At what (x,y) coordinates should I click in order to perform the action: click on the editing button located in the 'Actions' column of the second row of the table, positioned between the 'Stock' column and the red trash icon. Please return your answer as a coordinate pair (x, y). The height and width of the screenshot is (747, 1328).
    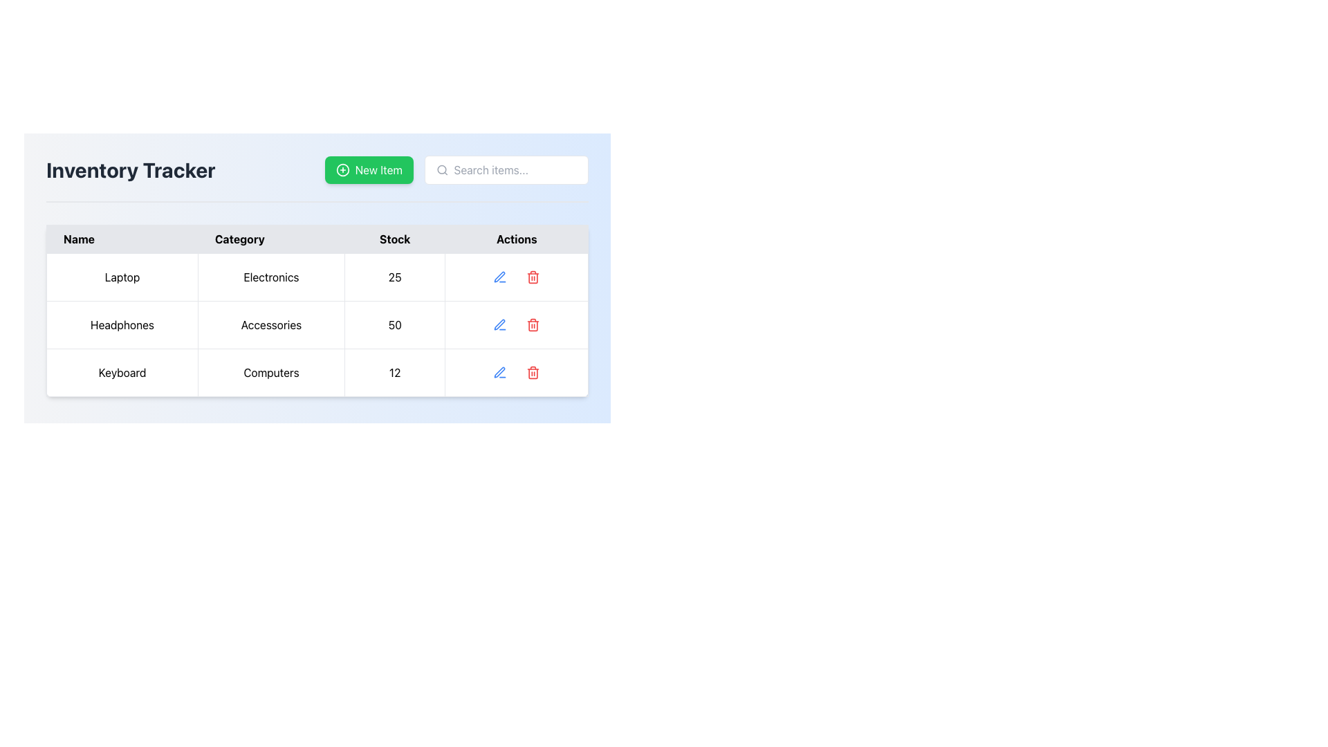
    Looking at the image, I should click on (499, 325).